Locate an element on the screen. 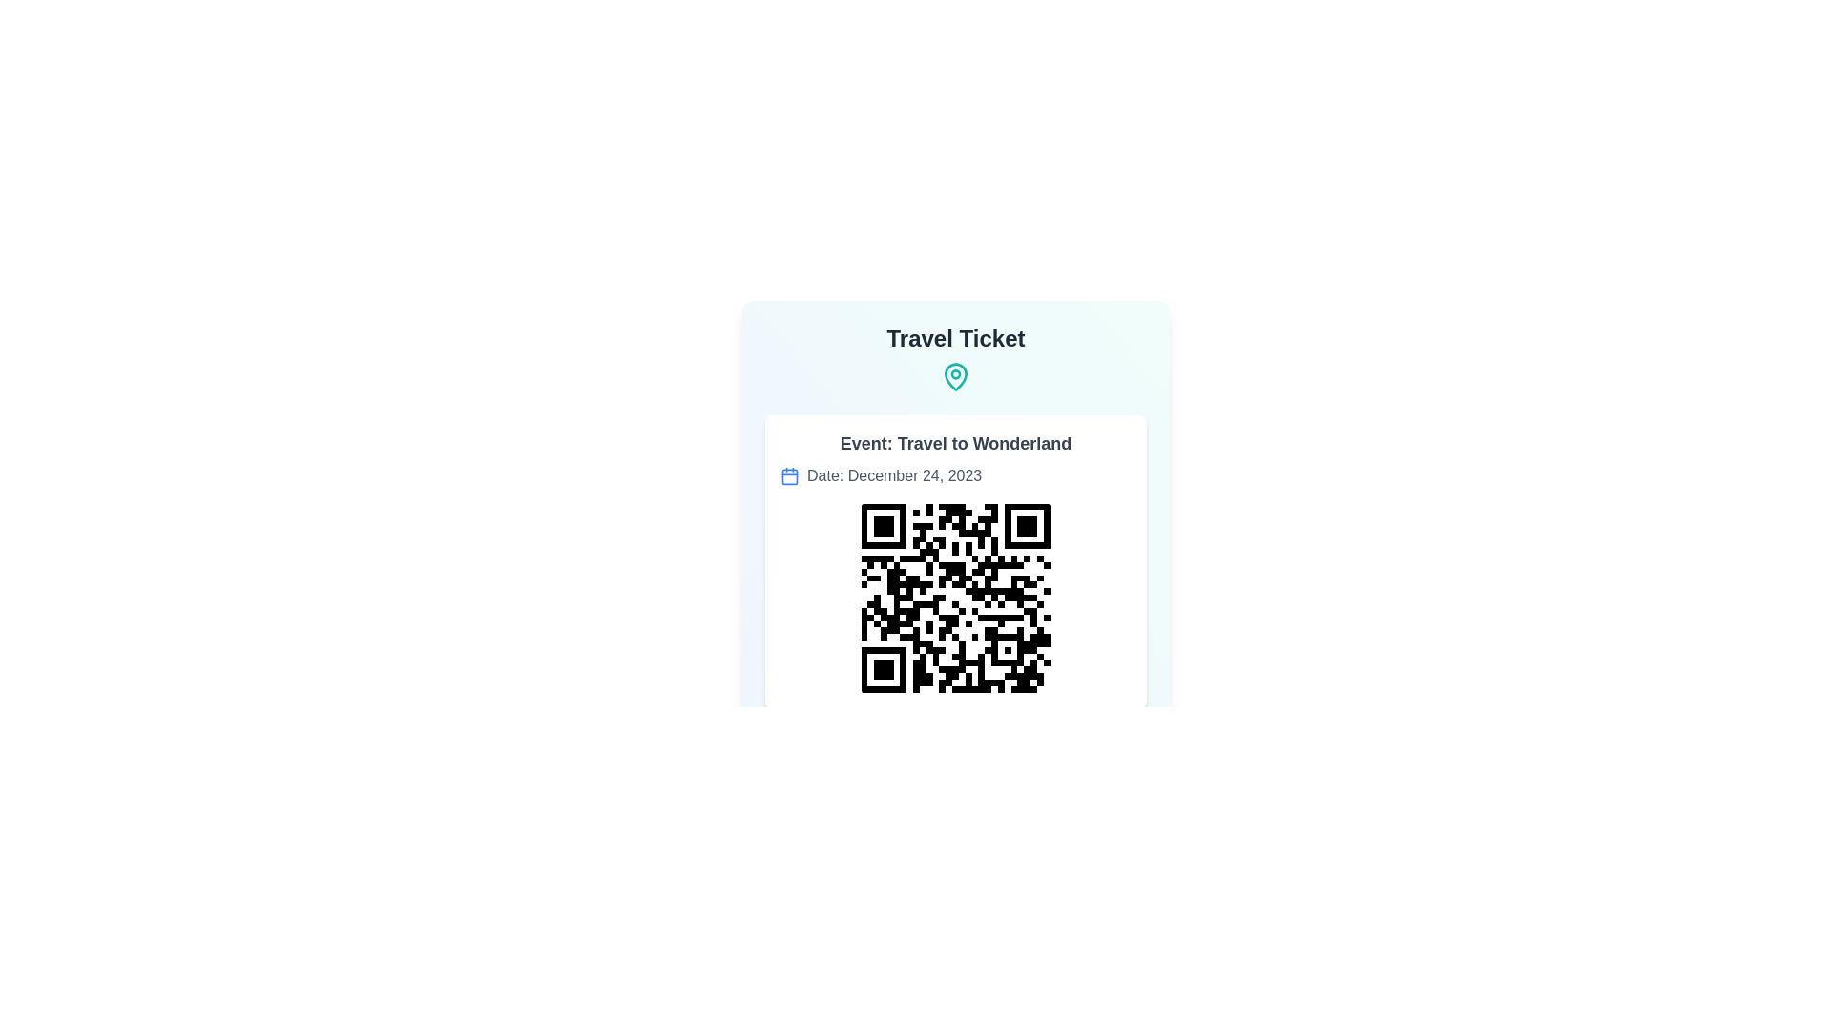 The image size is (1832, 1031). the informational line displaying the date of the event, which is positioned below the text 'Event: Travel to Wonderland' within a white, rounded-corner card is located at coordinates (956, 474).